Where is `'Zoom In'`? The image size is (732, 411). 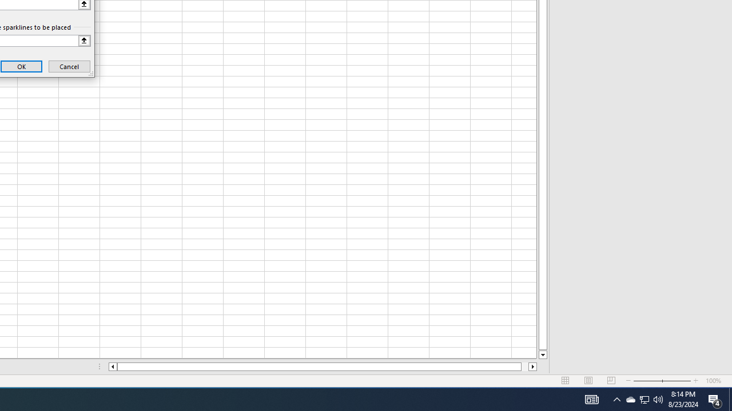
'Zoom In' is located at coordinates (695, 381).